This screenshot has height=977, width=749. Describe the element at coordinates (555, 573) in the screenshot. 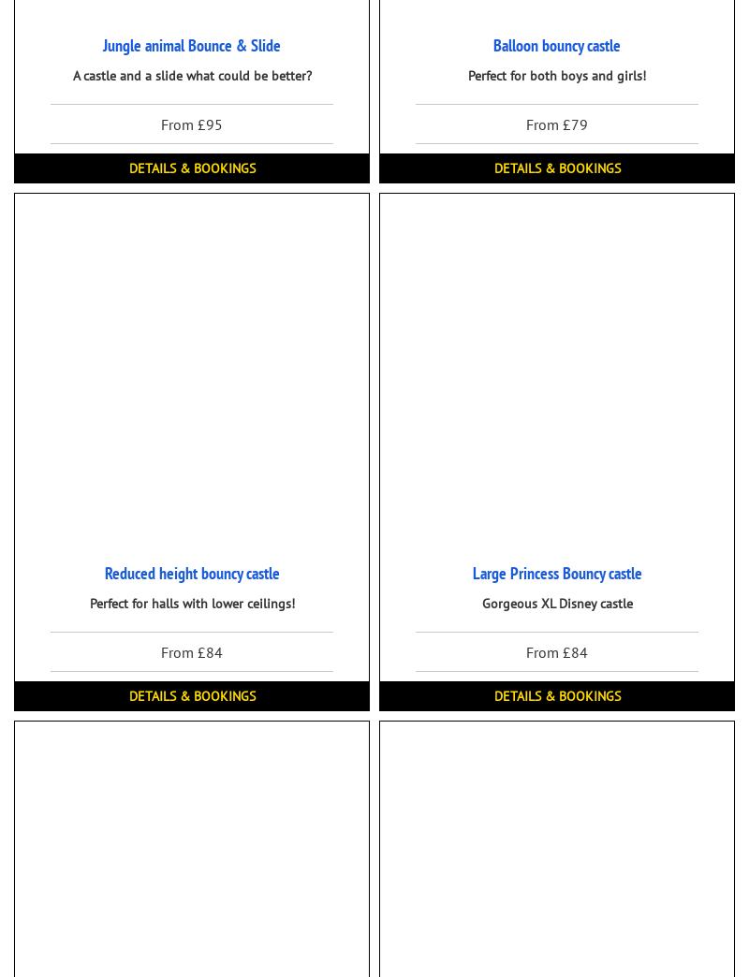

I see `'Large Princess Bouncy castle'` at that location.